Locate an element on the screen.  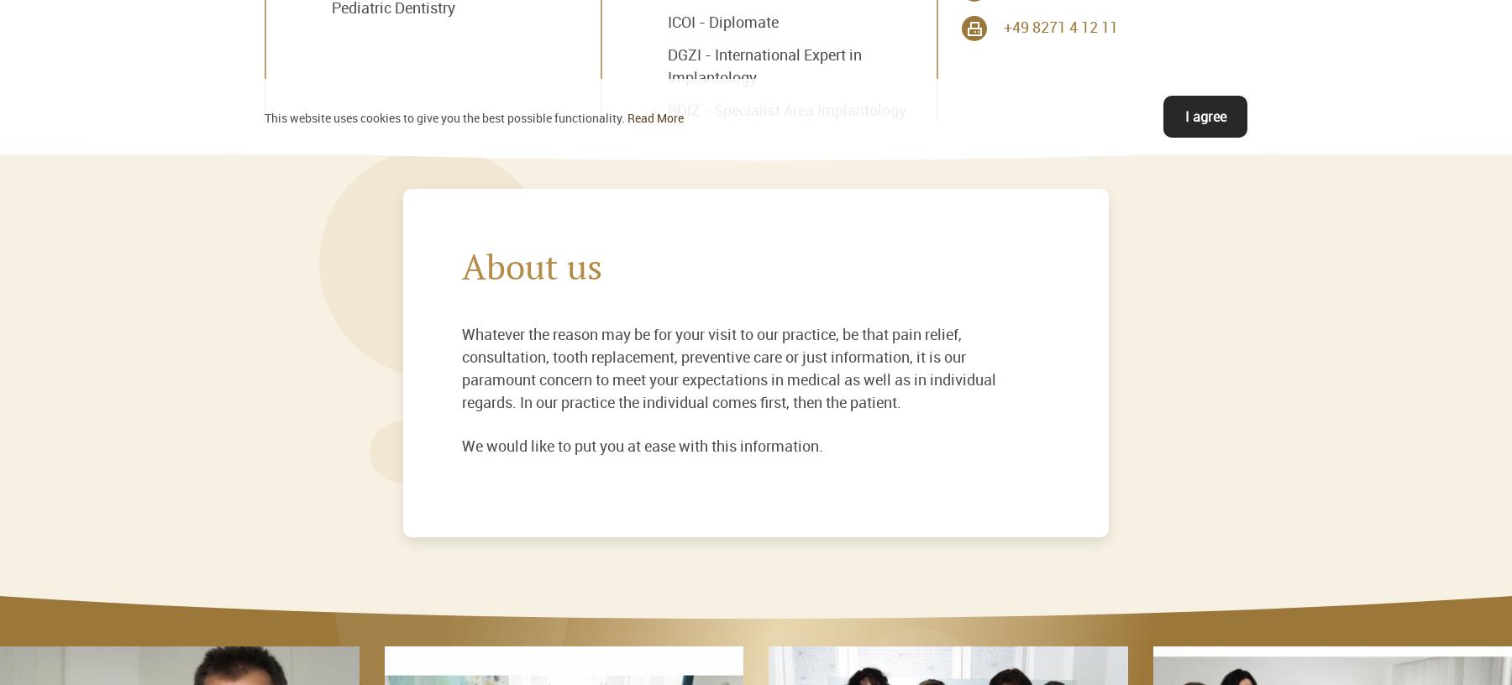
'Whatever the reason may be for your visit to our practice, be that pain relief, consultation, tooth replacement, preventive care or just information, it is our paramount concern to meet your expectations in medical as well as in individual regards. In our practice the individual comes first, then the patient.' is located at coordinates (728, 366).